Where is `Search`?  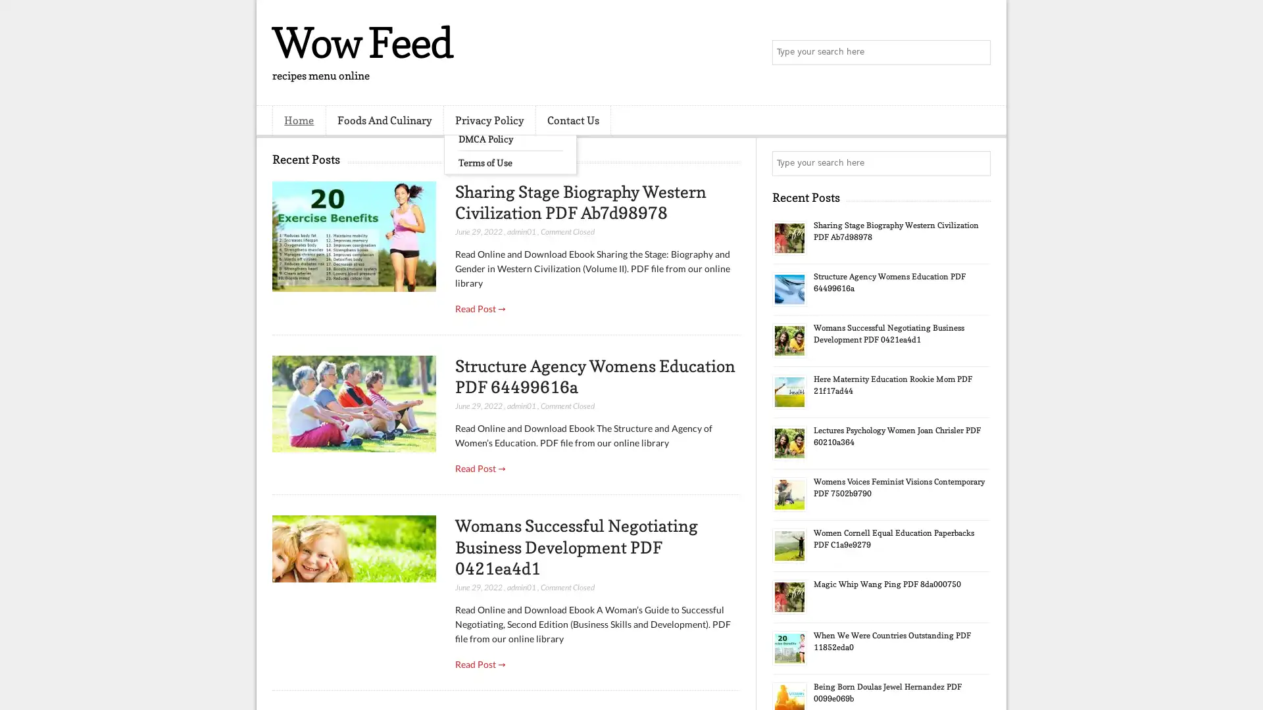
Search is located at coordinates (977, 53).